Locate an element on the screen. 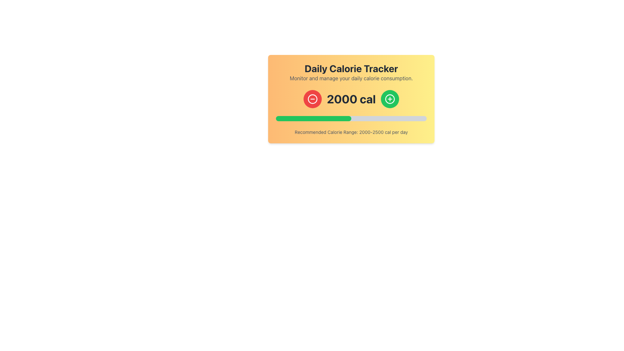 Image resolution: width=624 pixels, height=351 pixels. the text display showing the current calorie count of '2000 cal' in the calorie tracker interface is located at coordinates (351, 99).